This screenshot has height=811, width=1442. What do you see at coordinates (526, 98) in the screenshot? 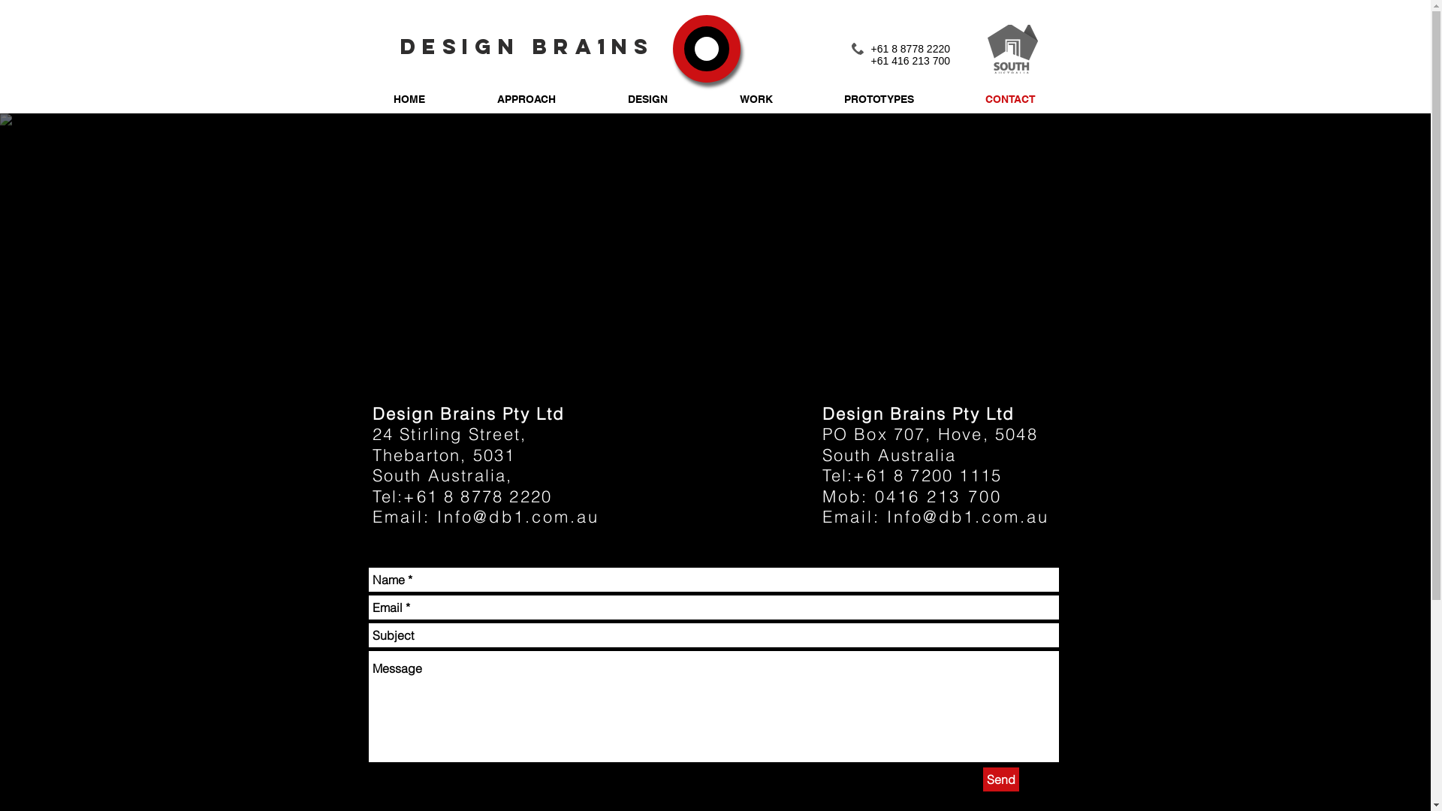
I see `'APPROACH'` at bounding box center [526, 98].